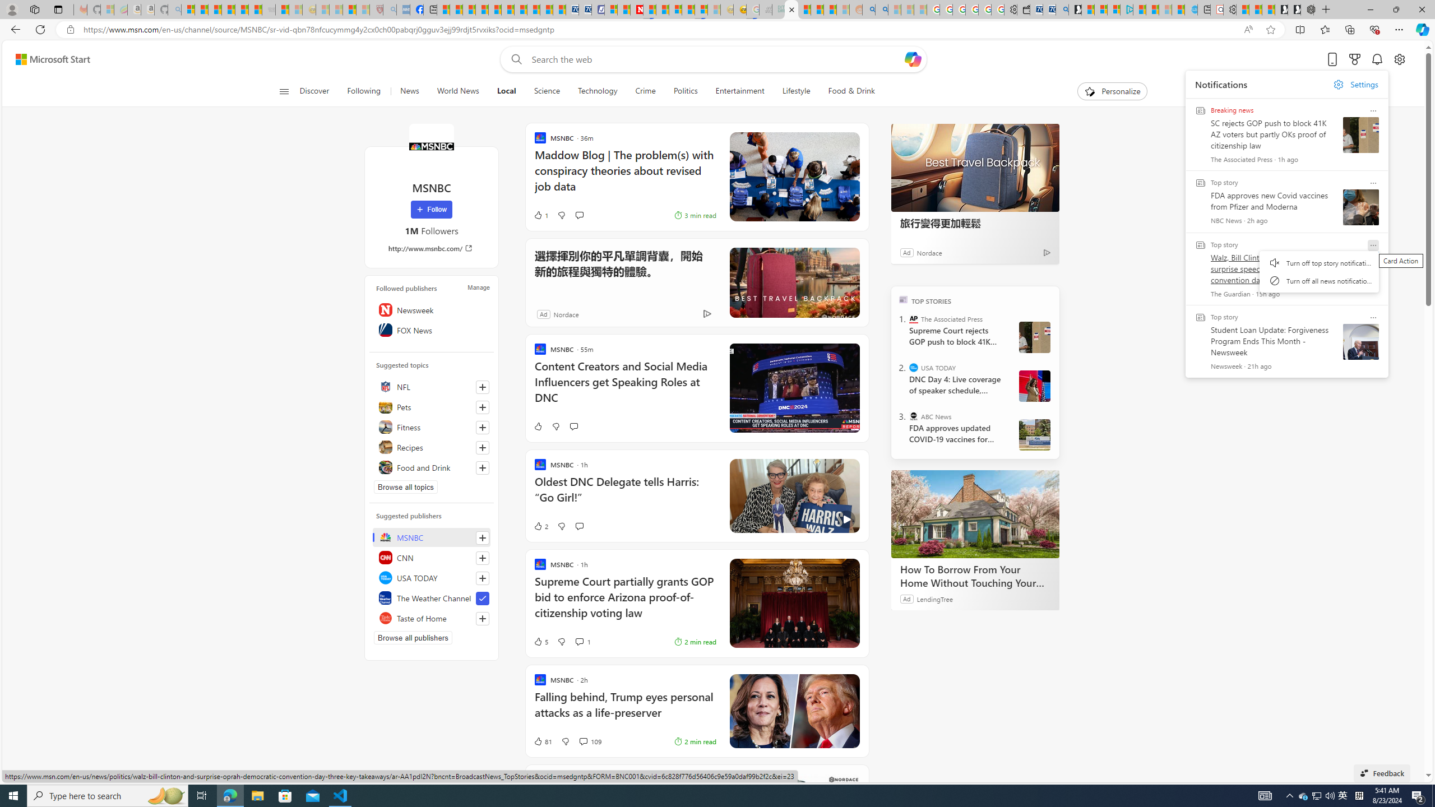 Image resolution: width=1435 pixels, height=807 pixels. I want to click on 'Browse all publishers', so click(413, 637).